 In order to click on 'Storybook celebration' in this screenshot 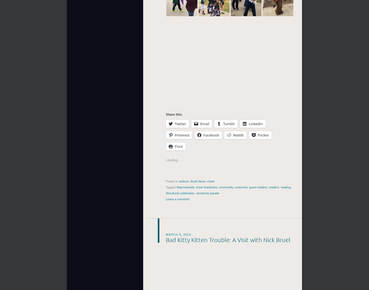, I will do `click(180, 193)`.